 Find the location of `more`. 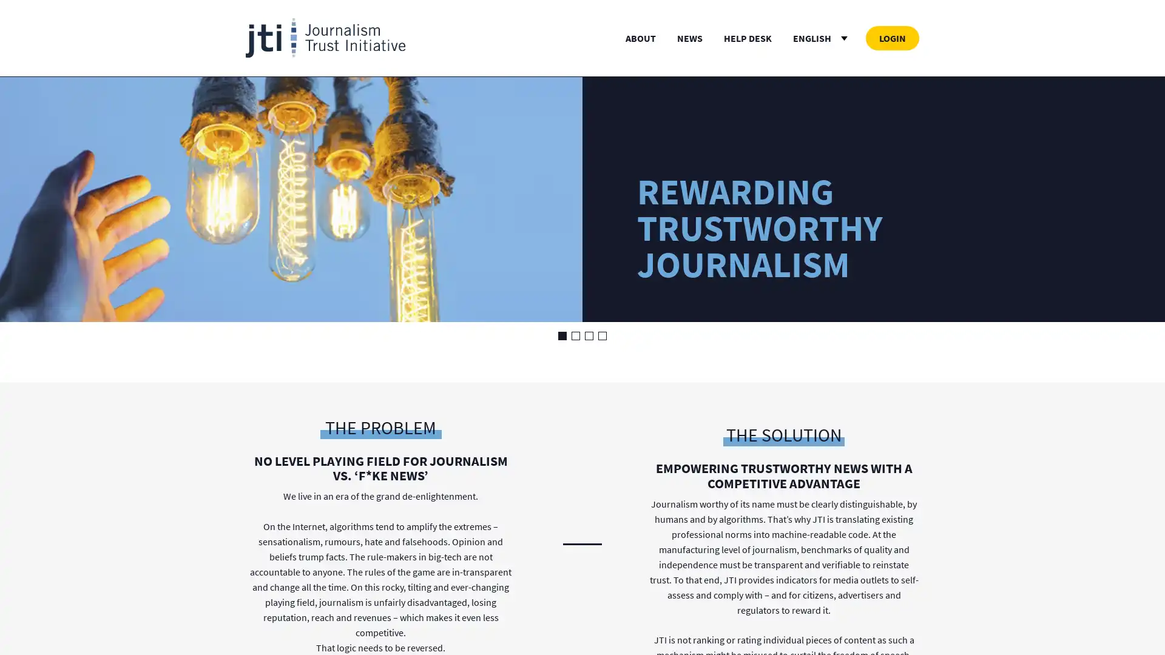

more is located at coordinates (495, 340).